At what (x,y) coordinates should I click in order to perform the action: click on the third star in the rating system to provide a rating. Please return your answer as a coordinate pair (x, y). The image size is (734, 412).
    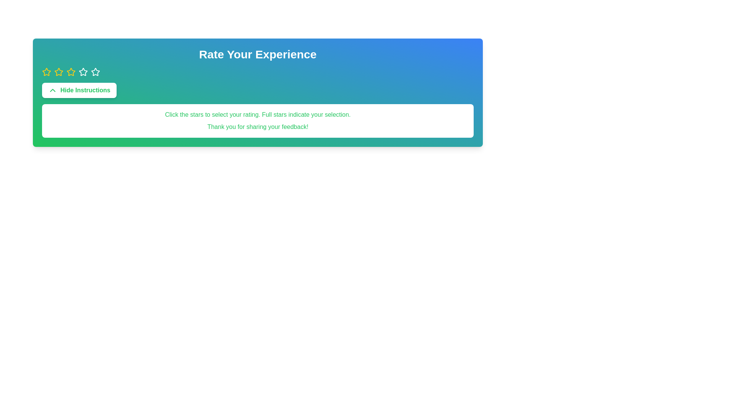
    Looking at the image, I should click on (83, 72).